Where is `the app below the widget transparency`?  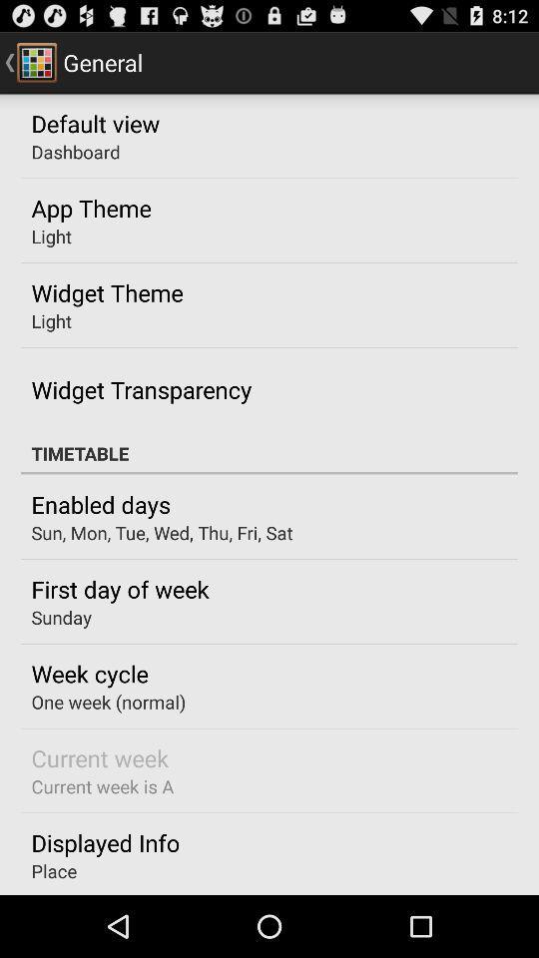
the app below the widget transparency is located at coordinates (269, 453).